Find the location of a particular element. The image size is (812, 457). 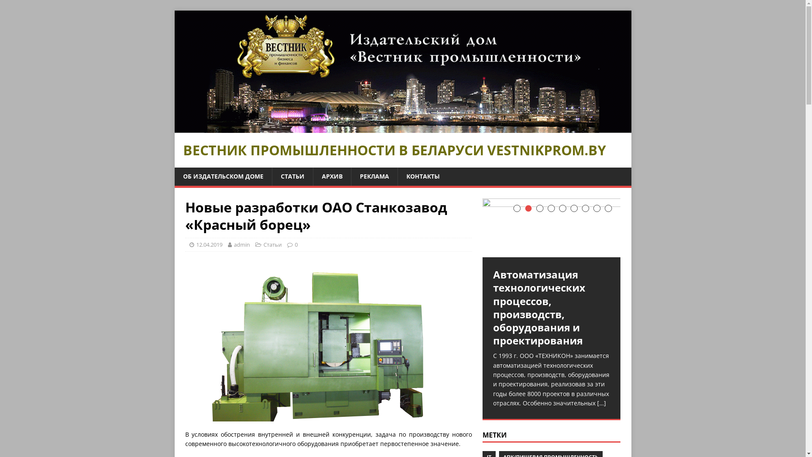

'3' is located at coordinates (535, 208).